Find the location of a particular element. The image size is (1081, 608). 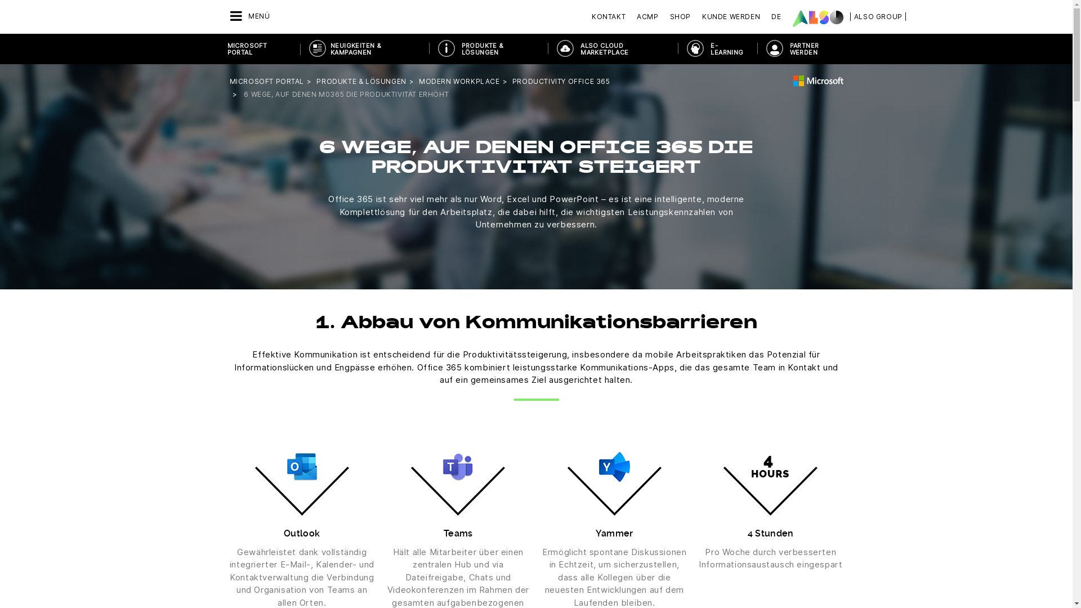

'ALSO Schweiz AG' is located at coordinates (792, 19).